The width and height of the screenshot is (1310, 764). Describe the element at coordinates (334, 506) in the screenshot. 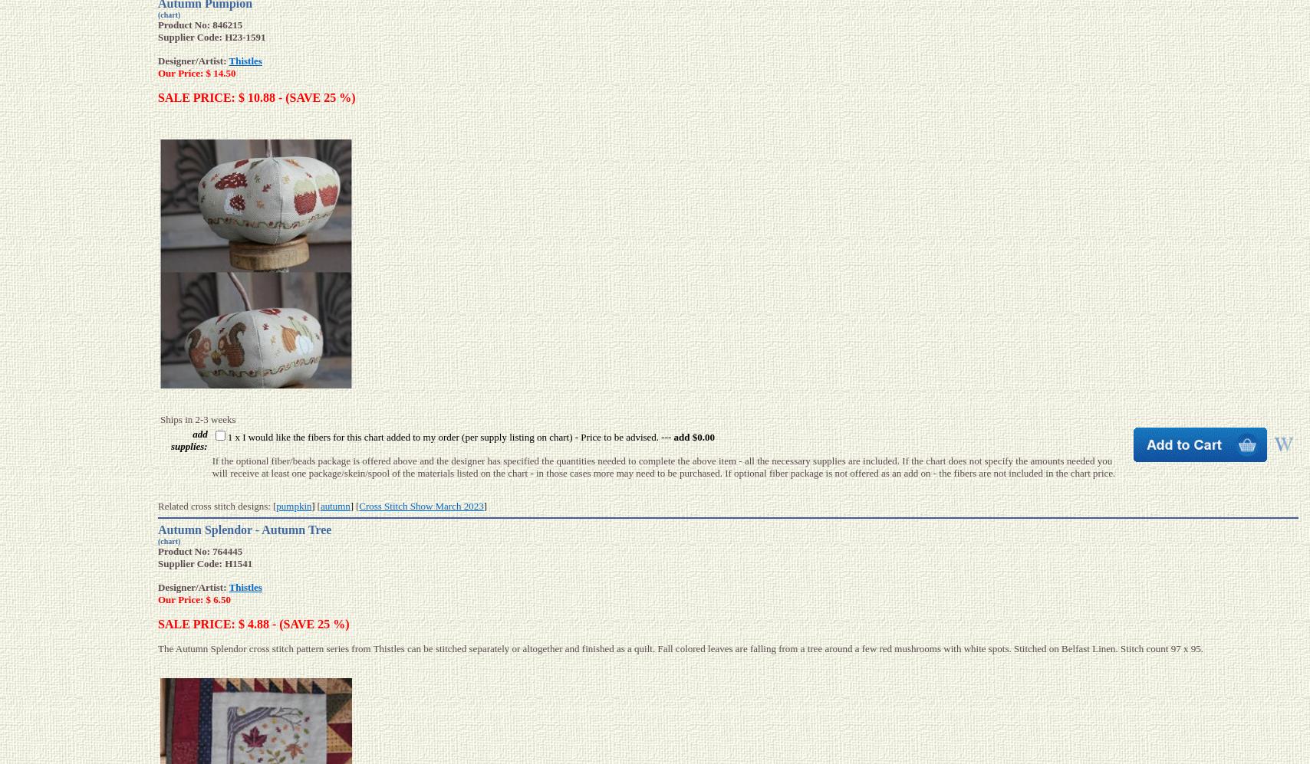

I see `'autumn'` at that location.